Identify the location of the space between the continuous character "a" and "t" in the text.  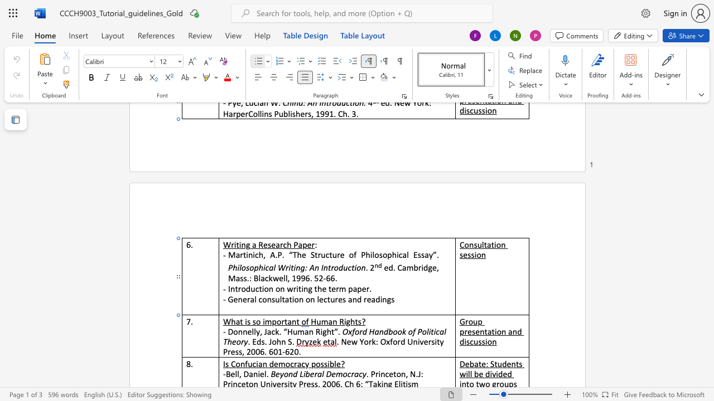
(239, 321).